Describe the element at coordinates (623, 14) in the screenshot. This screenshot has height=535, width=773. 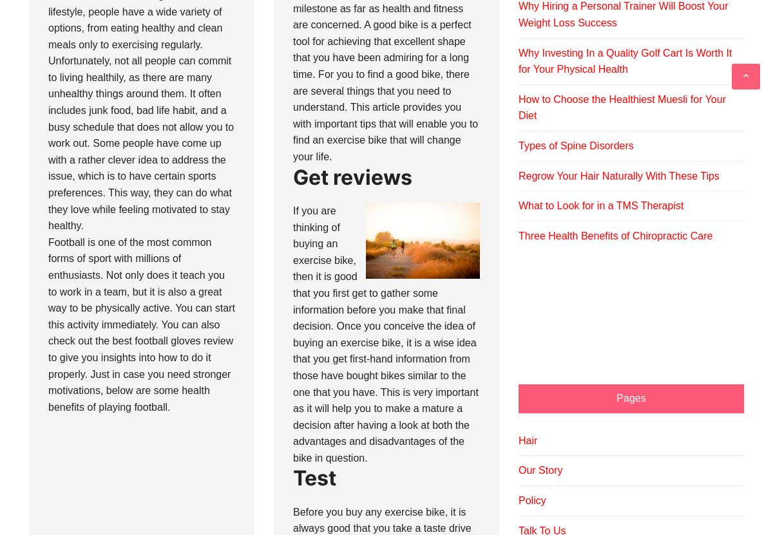
I see `'Why Hiring a Personal Trainer Will Boost Your Weight Loss Success'` at that location.